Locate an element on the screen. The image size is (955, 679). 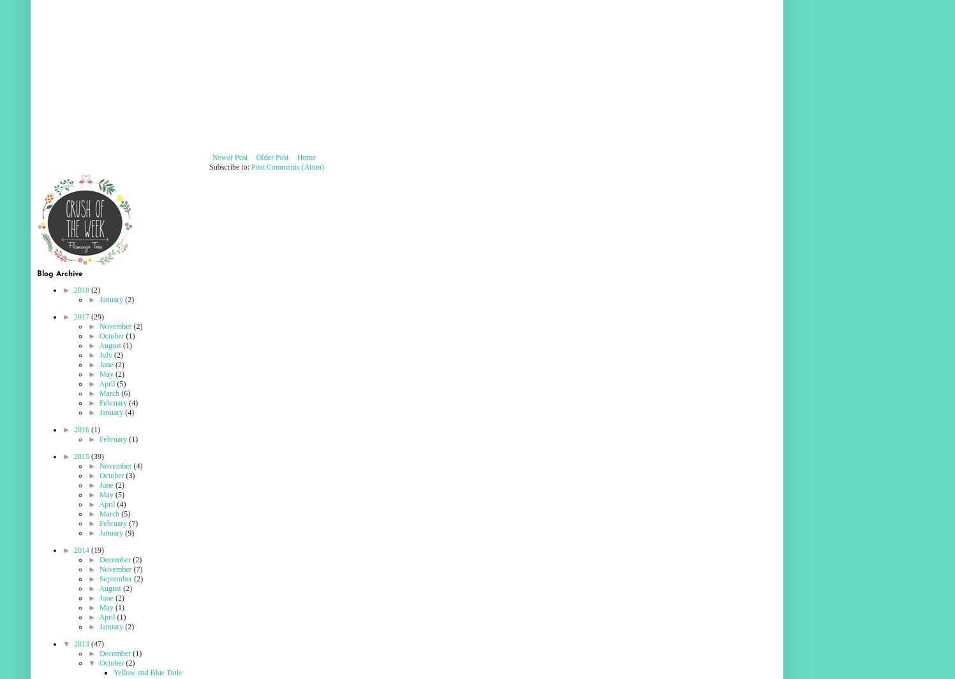
'(29)' is located at coordinates (96, 316).